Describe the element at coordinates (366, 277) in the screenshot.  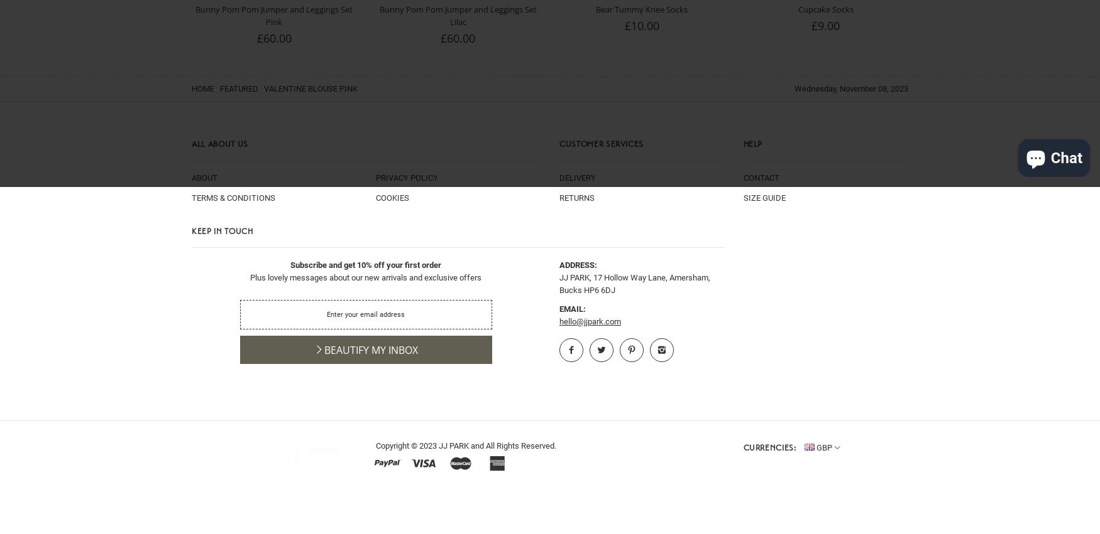
I see `'Plus lovely messages about our new arrivals and exclusive offers'` at that location.